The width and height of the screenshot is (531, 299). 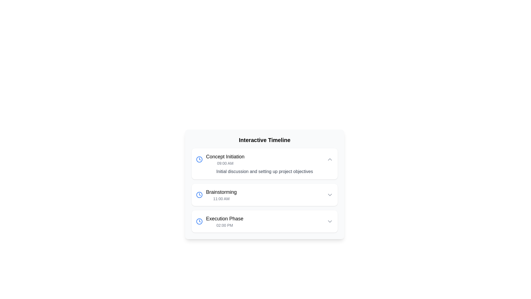 What do you see at coordinates (264, 171) in the screenshot?
I see `descriptive text located below the '09:00 AM' time indicator and heading 'Concept Initiation' in the first card of the vertically aligned timeline` at bounding box center [264, 171].